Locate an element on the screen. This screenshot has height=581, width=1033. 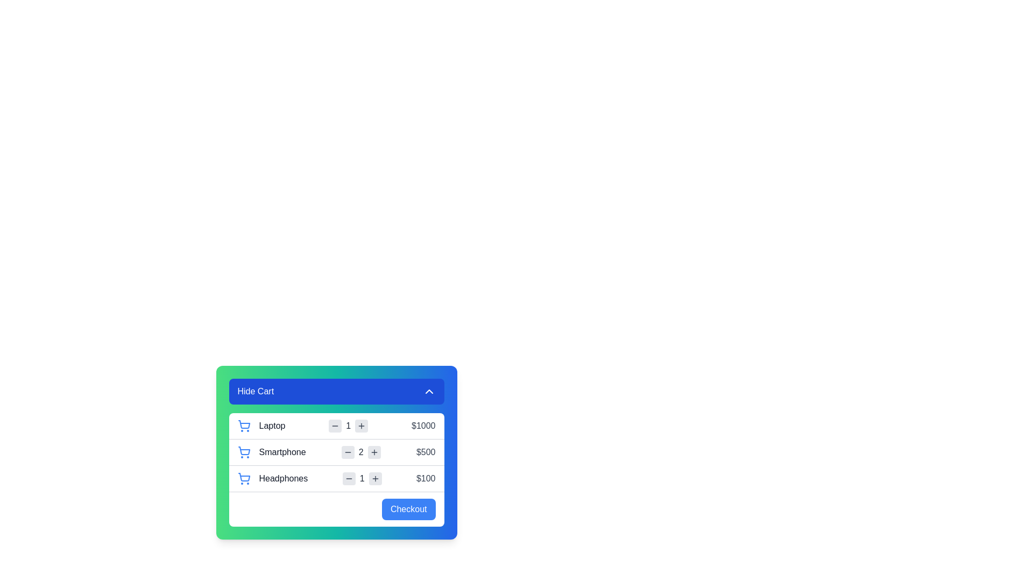
the Text Label displaying the current quantity of the 'Smartphone' item in the cart, located between the decrement and increment buttons is located at coordinates (361, 452).